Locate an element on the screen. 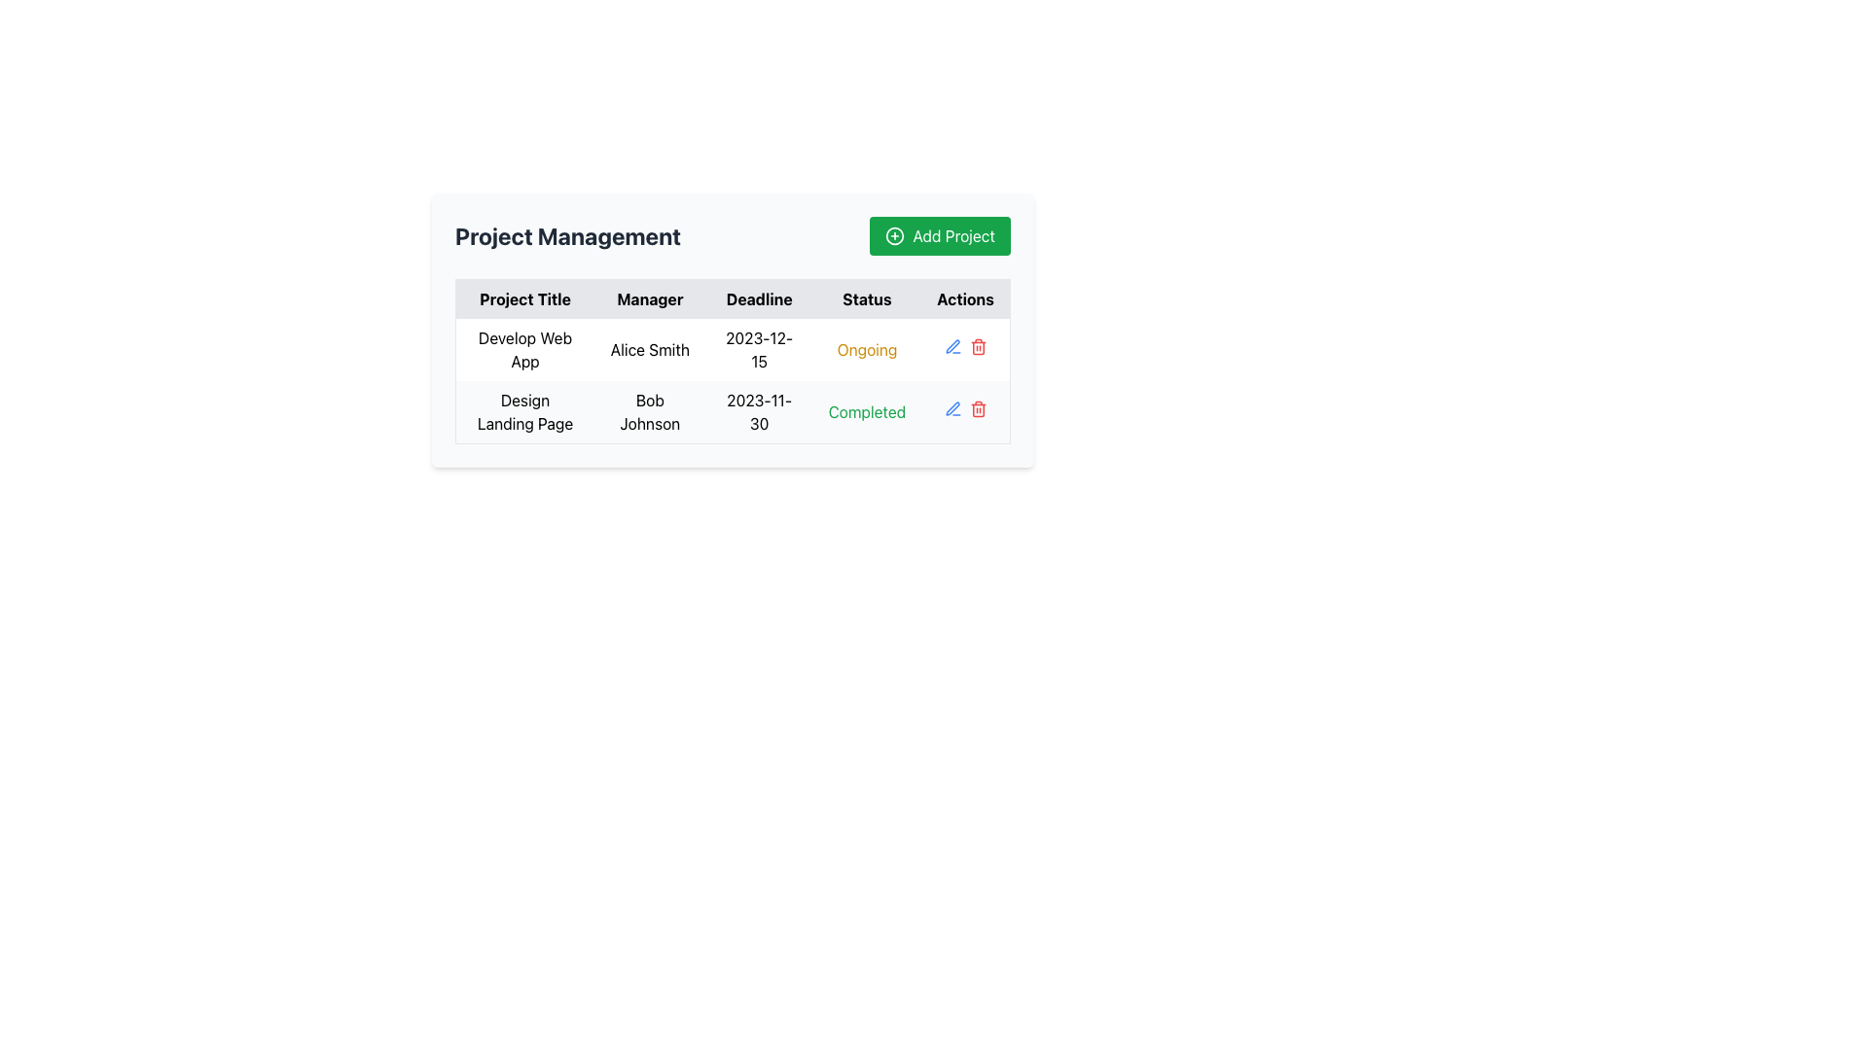  the pen icon in the Actions column next to the 'Ongoing' status of the first project row is located at coordinates (952, 407).